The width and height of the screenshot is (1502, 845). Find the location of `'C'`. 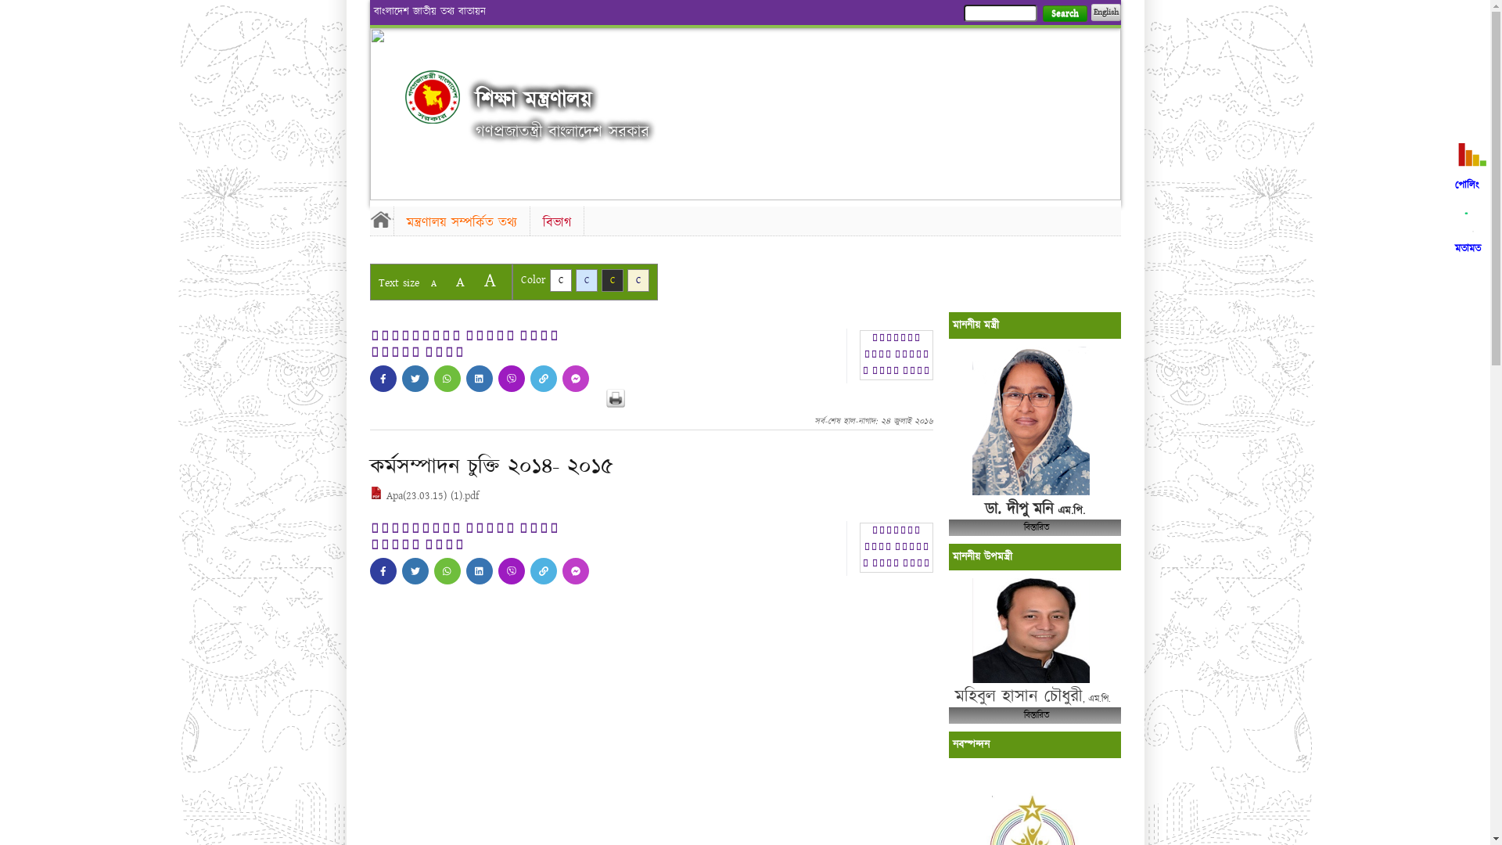

'C' is located at coordinates (585, 279).